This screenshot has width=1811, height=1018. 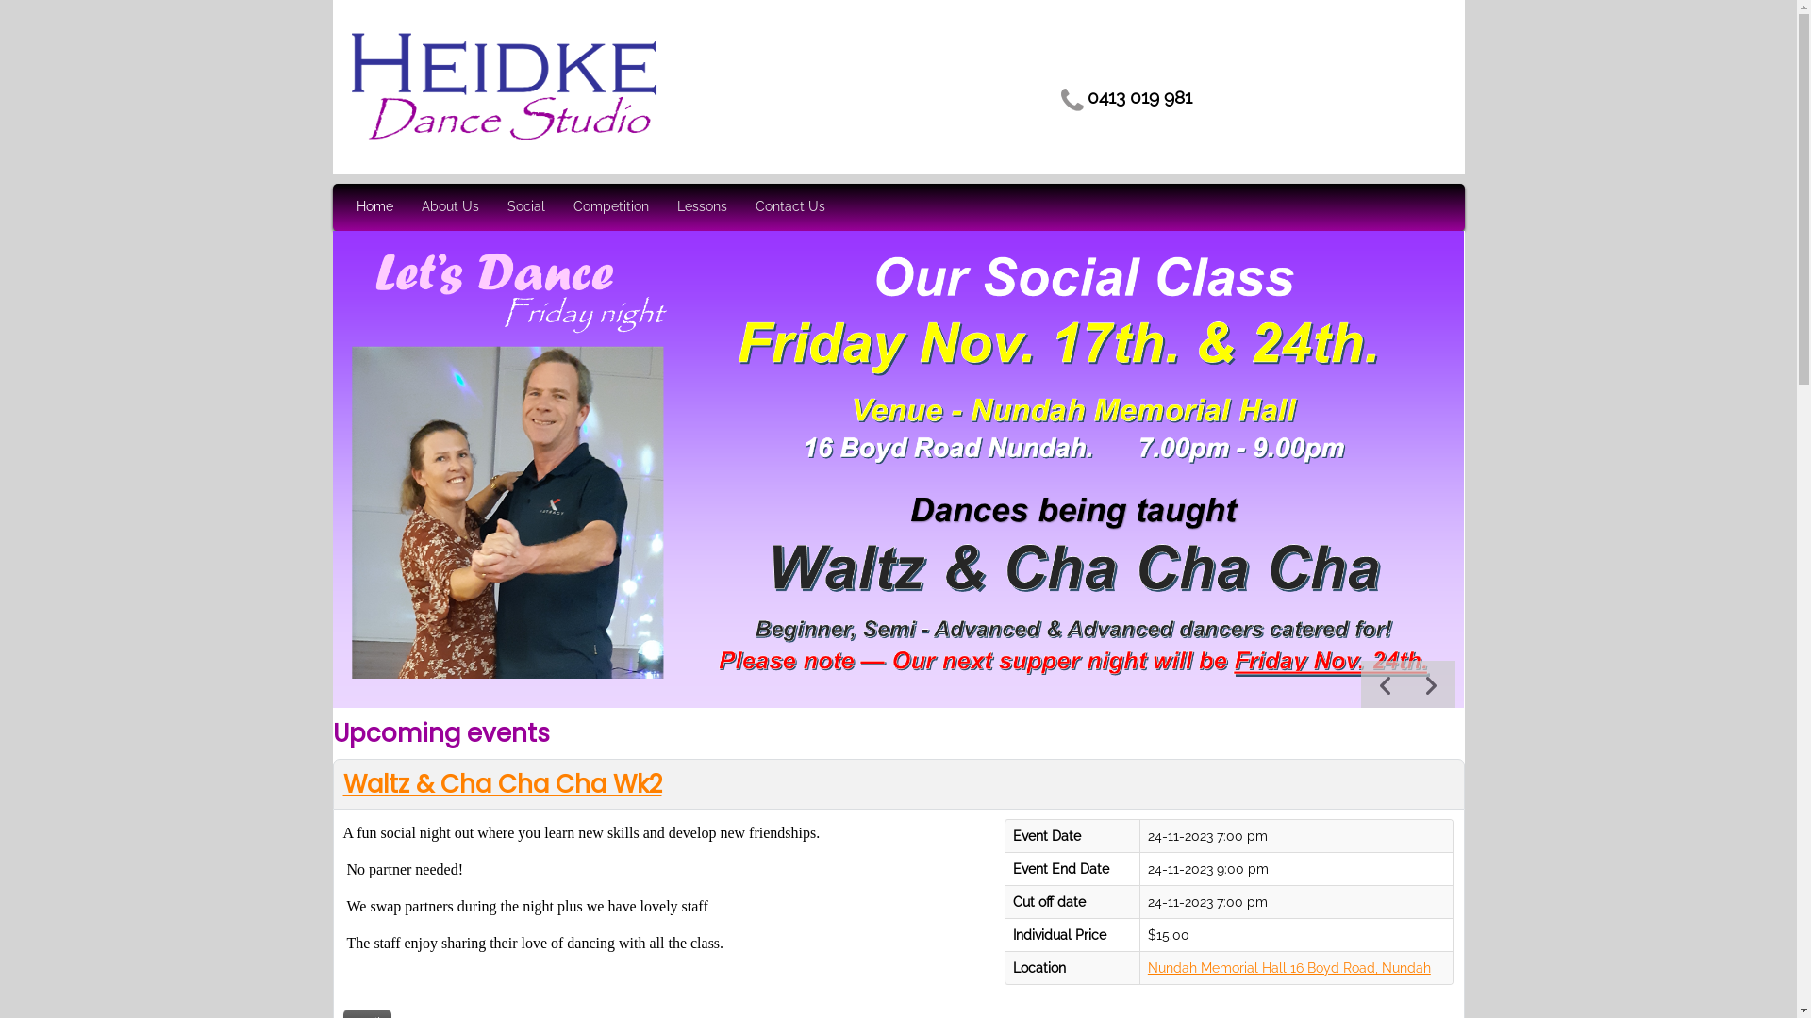 I want to click on 'Nundah Memorial Hall 16 Boyd Road, Nundah', so click(x=1288, y=967).